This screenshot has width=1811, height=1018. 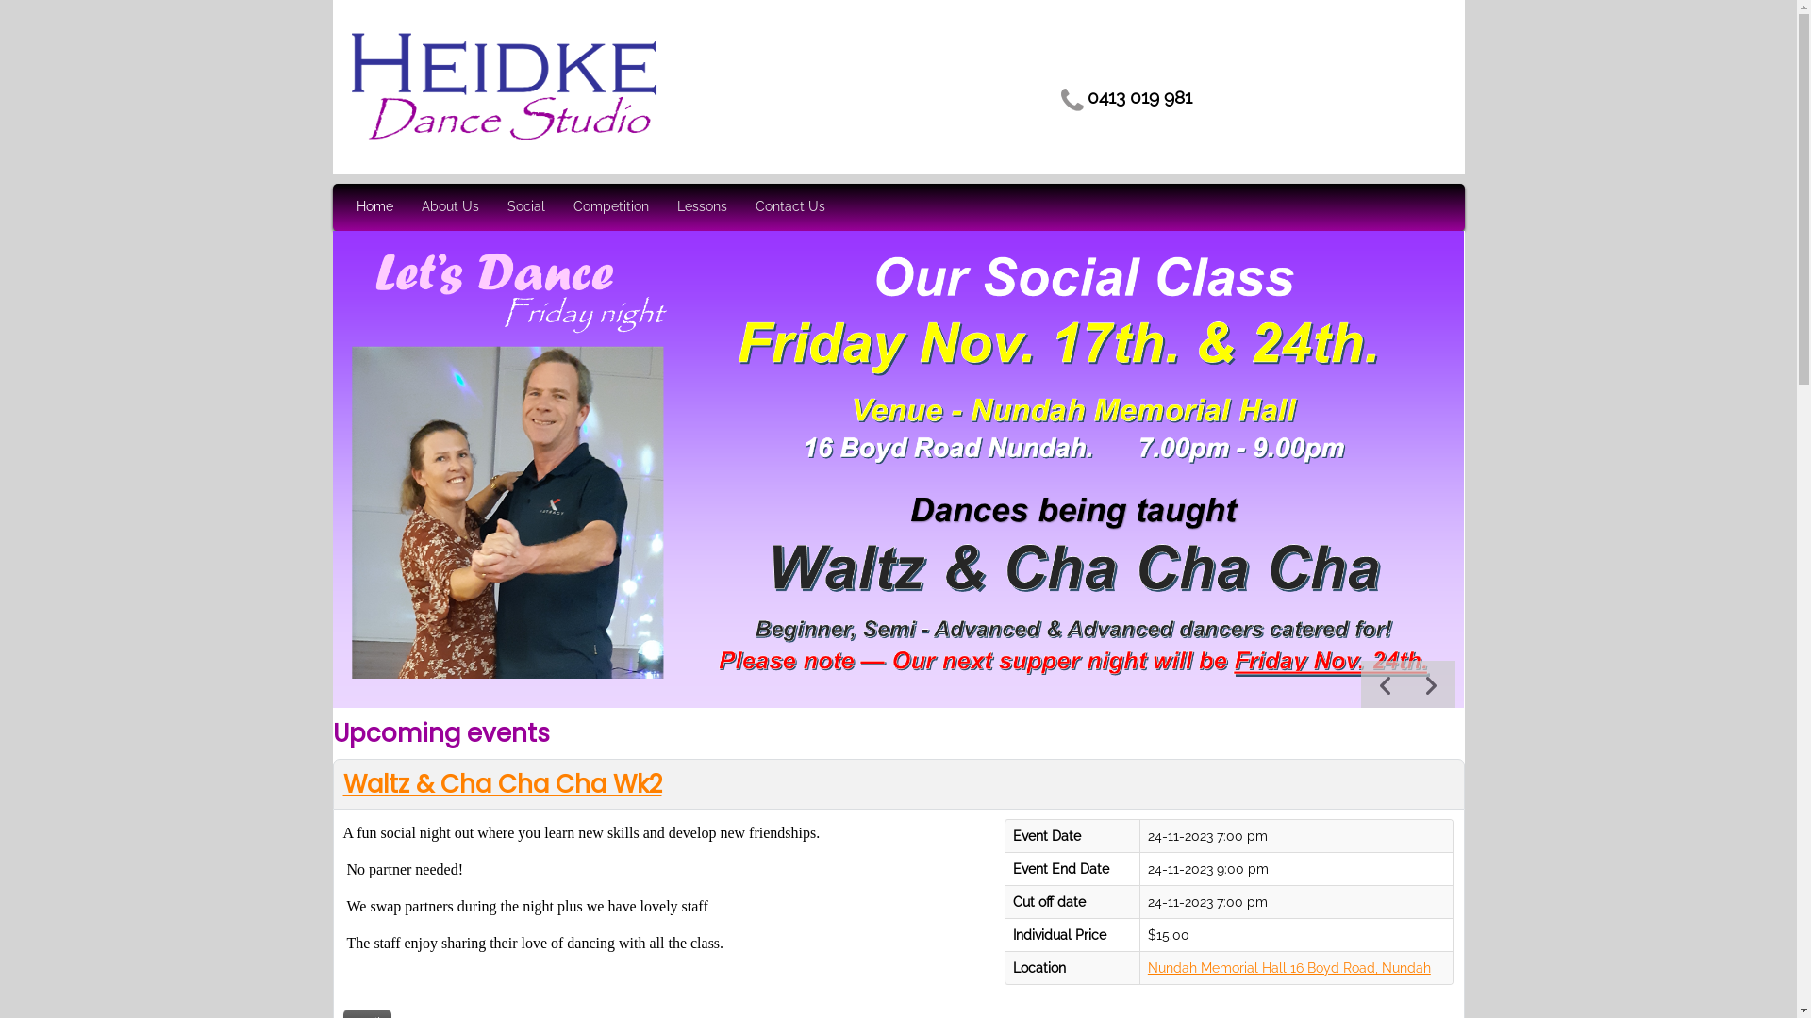 I want to click on 'Nundah Memorial Hall 16 Boyd Road, Nundah', so click(x=1288, y=967).